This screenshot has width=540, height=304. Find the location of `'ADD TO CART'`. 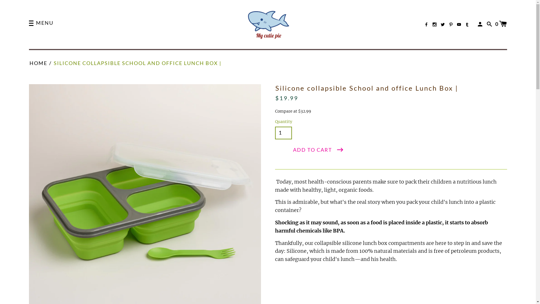

'ADD TO CART' is located at coordinates (318, 149).